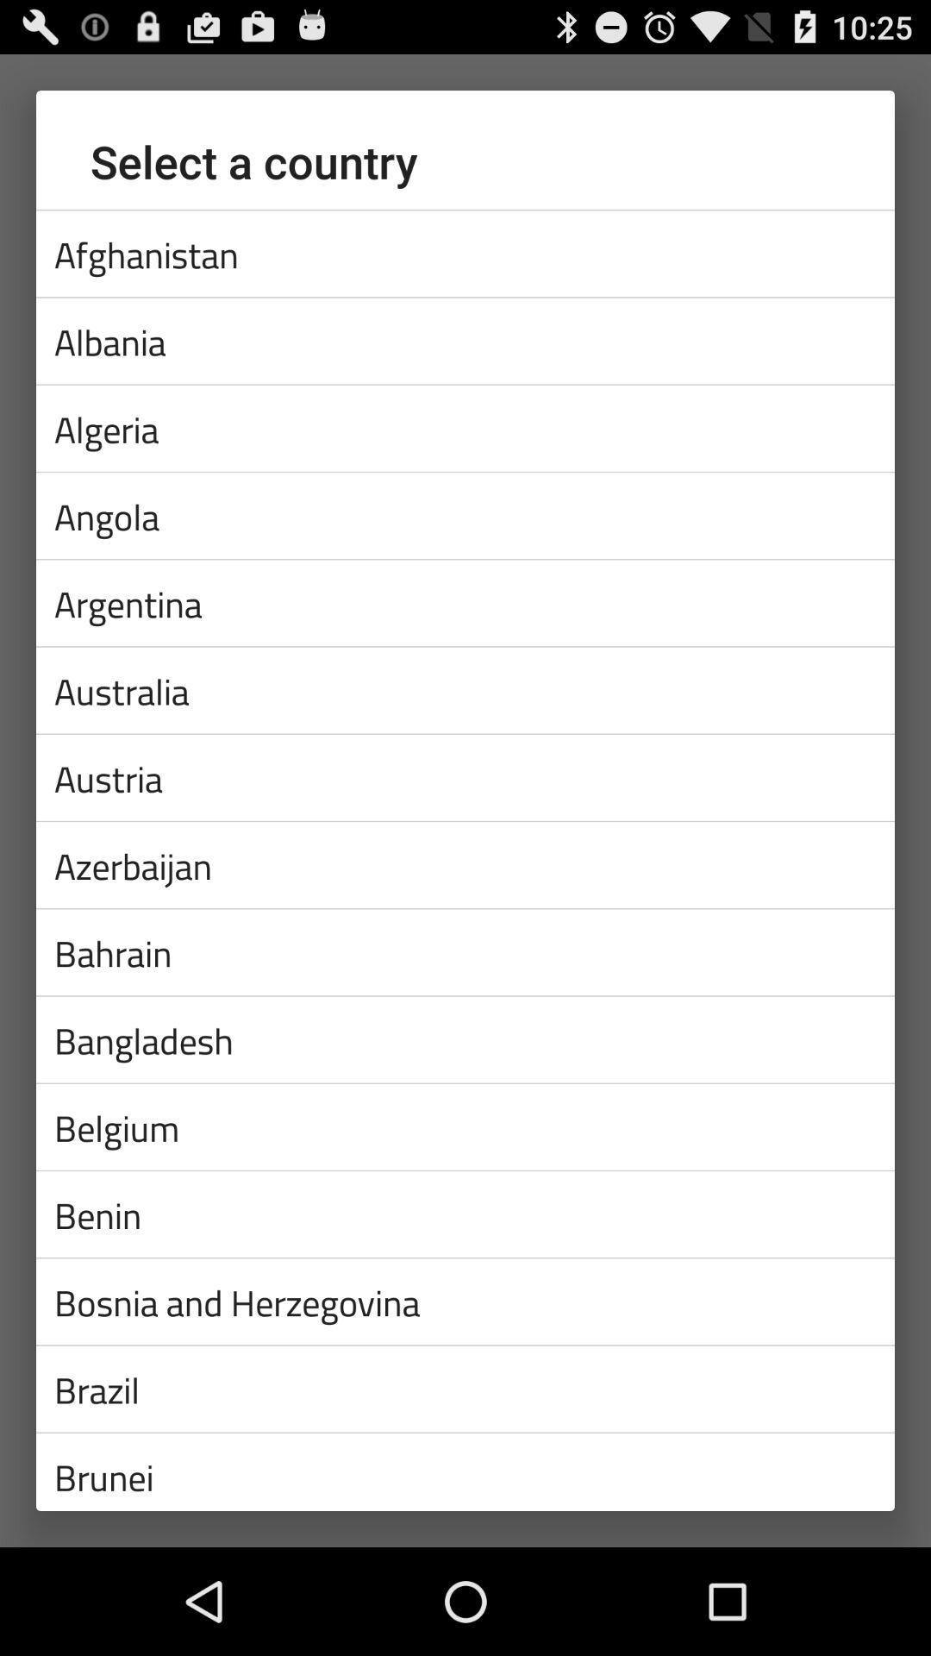 Image resolution: width=931 pixels, height=1656 pixels. What do you see at coordinates (465, 865) in the screenshot?
I see `azerbaijan app` at bounding box center [465, 865].